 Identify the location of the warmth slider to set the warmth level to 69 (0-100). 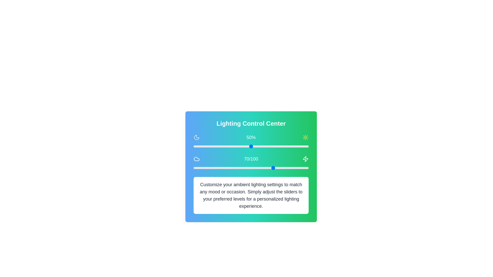
(273, 168).